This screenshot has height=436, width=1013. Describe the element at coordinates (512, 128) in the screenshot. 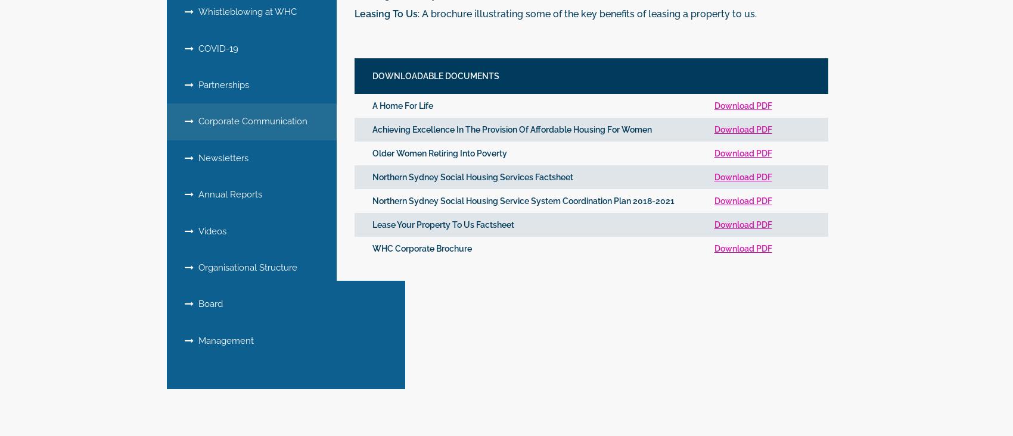

I see `'Achieving Excellence In The Provision Of Affordable Housing For Women'` at that location.